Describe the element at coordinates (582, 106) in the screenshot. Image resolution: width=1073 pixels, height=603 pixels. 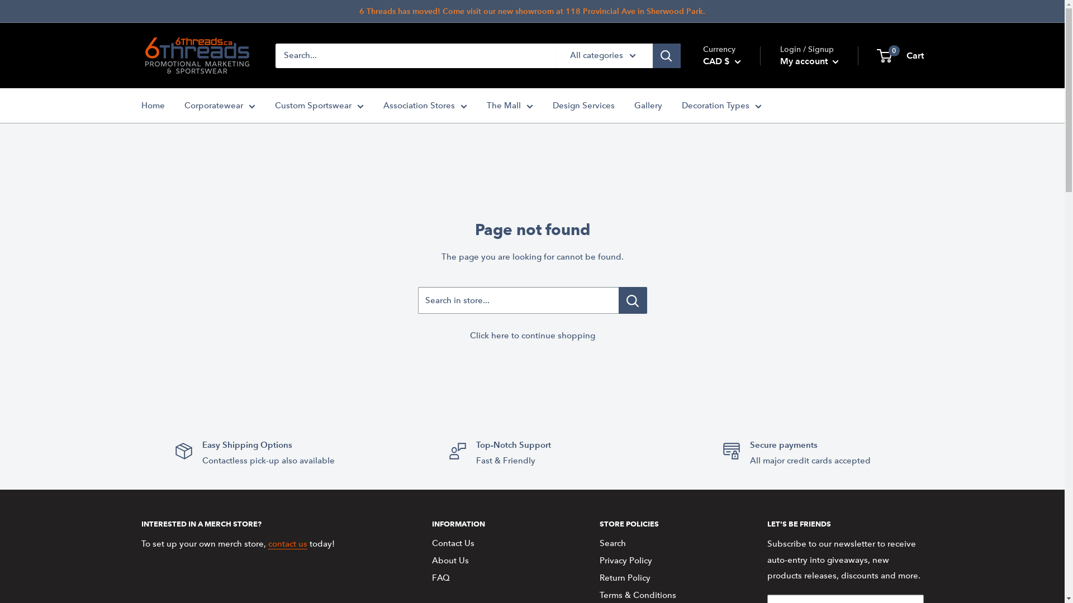
I see `'Design Services'` at that location.